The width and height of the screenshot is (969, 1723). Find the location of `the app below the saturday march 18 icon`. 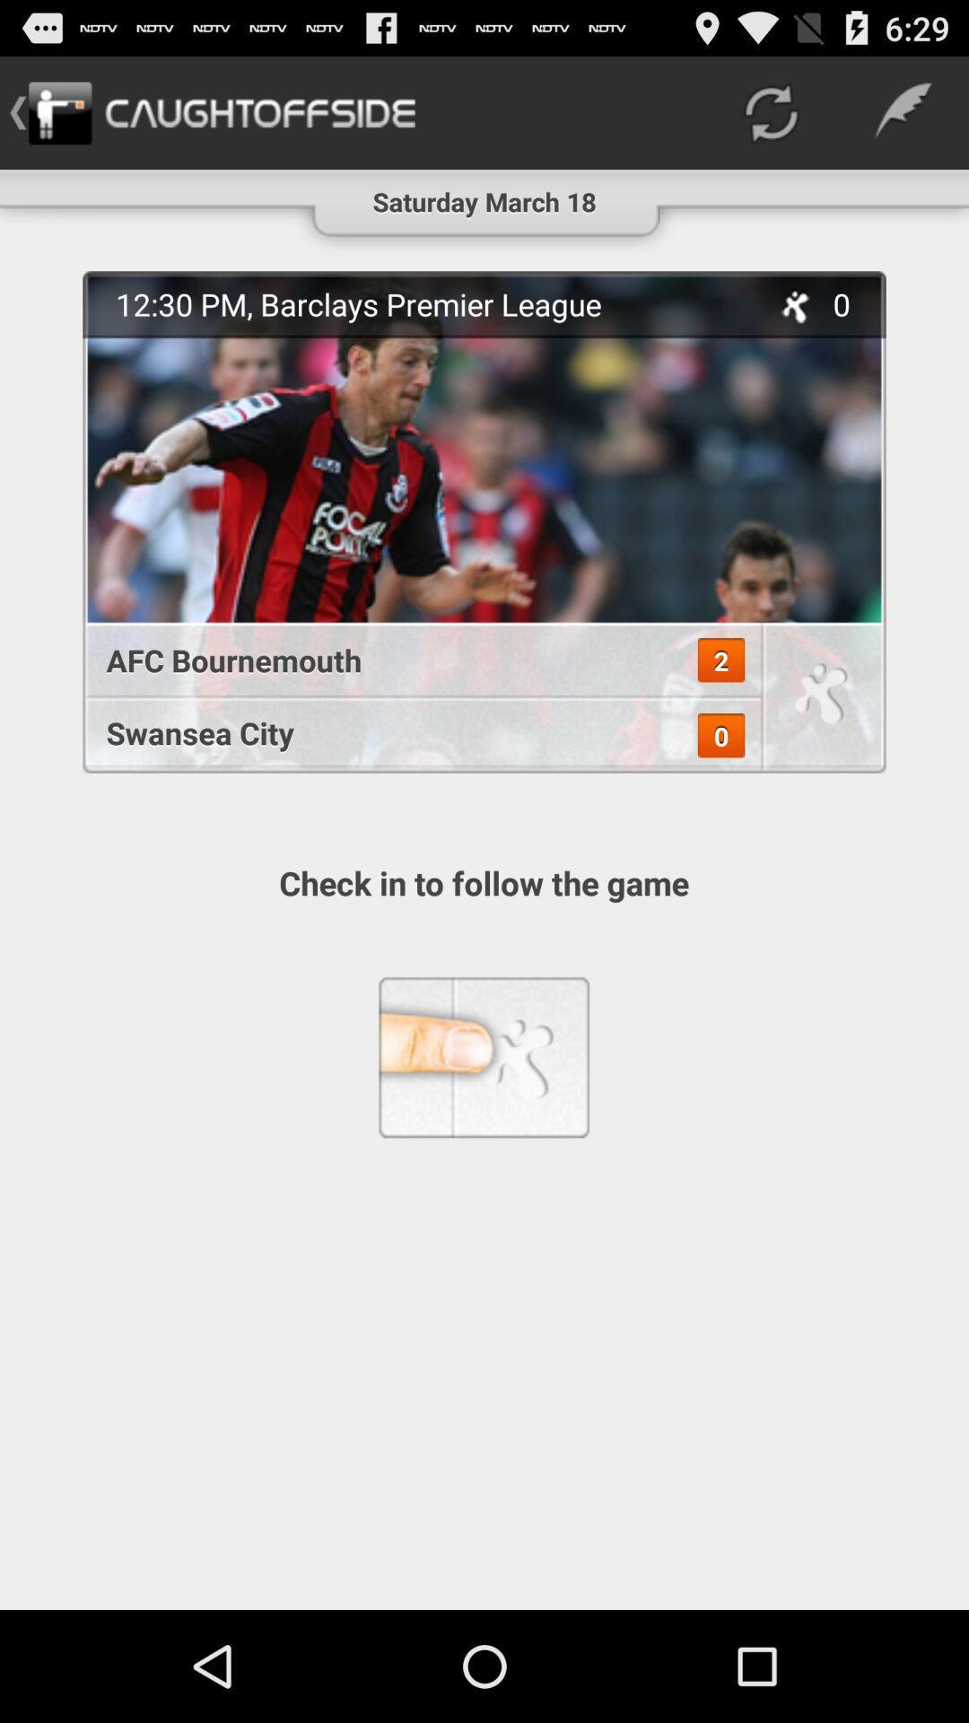

the app below the saturday march 18 icon is located at coordinates (484, 520).